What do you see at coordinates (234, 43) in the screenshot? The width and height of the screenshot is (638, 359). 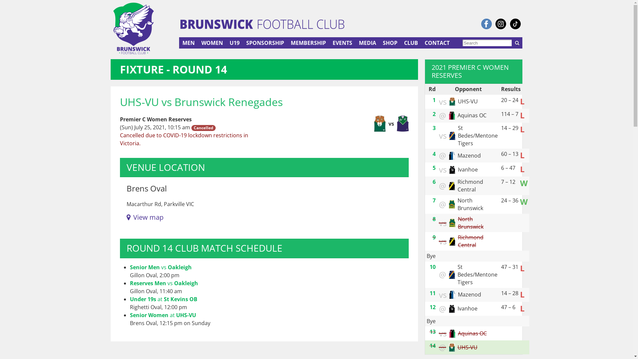 I see `'U19'` at bounding box center [234, 43].